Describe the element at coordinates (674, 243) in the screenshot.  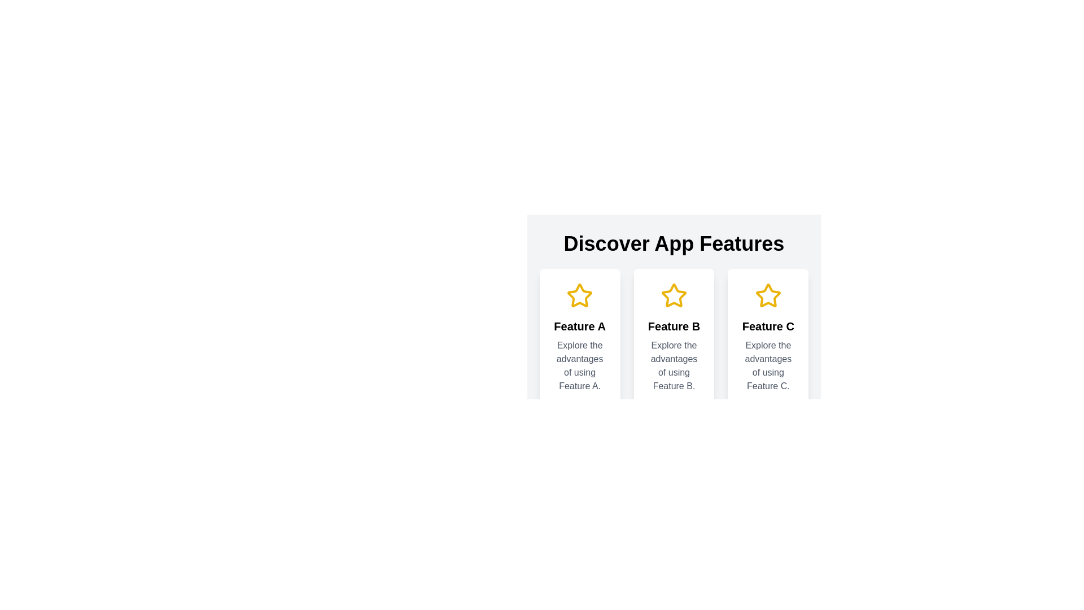
I see `the prominently styled title text displaying 'Discover App Features' which is located at the top-center of the section containing feature descriptions` at that location.